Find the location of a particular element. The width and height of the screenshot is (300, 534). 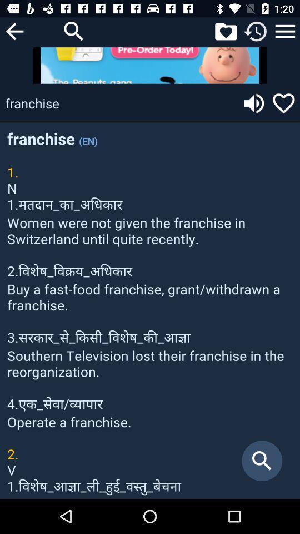

the arrow_backward icon is located at coordinates (14, 31).